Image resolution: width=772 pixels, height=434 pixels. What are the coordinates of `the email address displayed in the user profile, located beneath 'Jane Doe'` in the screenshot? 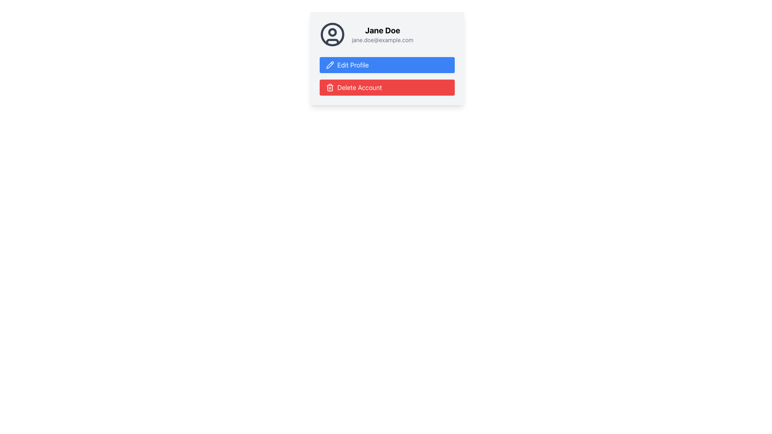 It's located at (382, 40).